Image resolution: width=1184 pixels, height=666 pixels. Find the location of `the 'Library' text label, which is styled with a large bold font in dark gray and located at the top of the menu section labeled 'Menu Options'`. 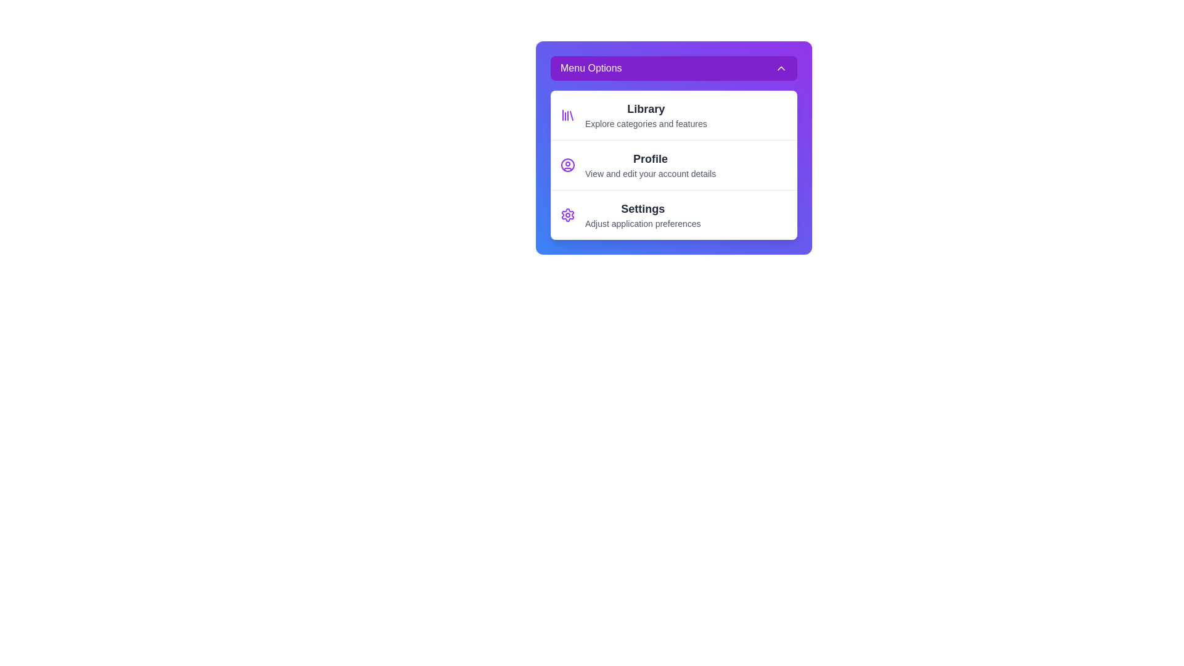

the 'Library' text label, which is styled with a large bold font in dark gray and located at the top of the menu section labeled 'Menu Options' is located at coordinates (645, 109).